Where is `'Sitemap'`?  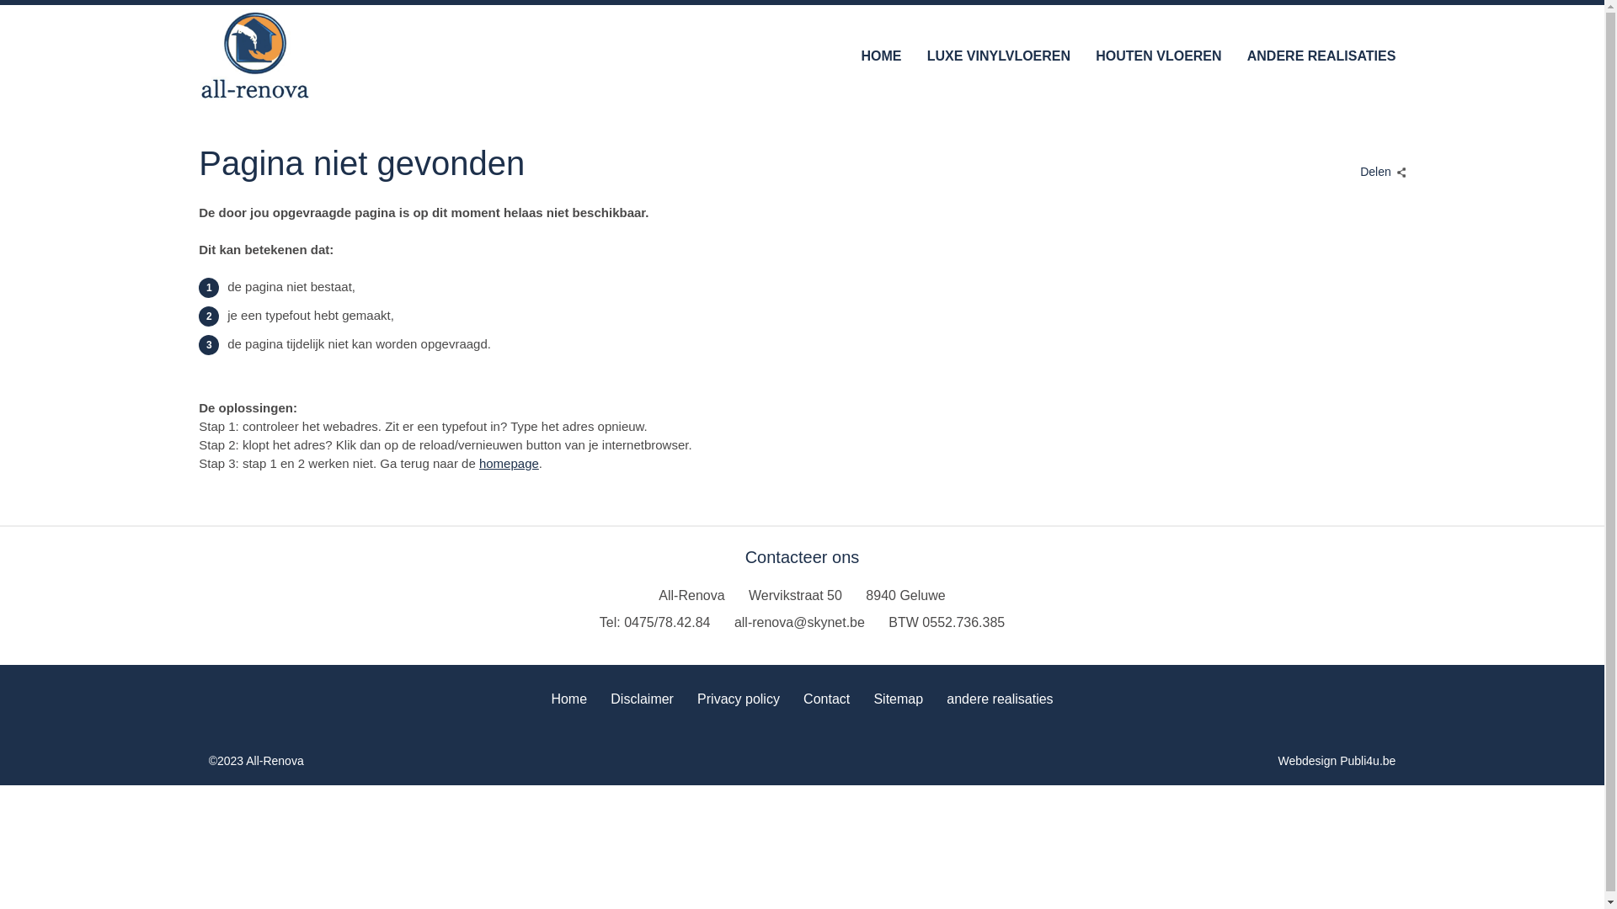 'Sitemap' is located at coordinates (897, 696).